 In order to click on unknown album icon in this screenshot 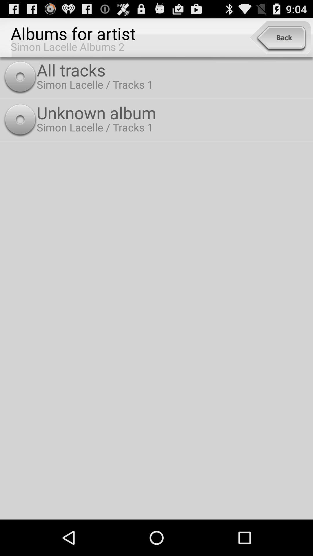, I will do `click(173, 112)`.